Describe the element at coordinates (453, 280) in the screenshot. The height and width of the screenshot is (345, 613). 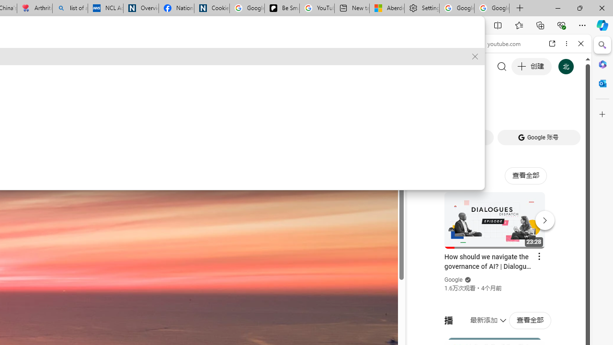
I see `'Google'` at that location.